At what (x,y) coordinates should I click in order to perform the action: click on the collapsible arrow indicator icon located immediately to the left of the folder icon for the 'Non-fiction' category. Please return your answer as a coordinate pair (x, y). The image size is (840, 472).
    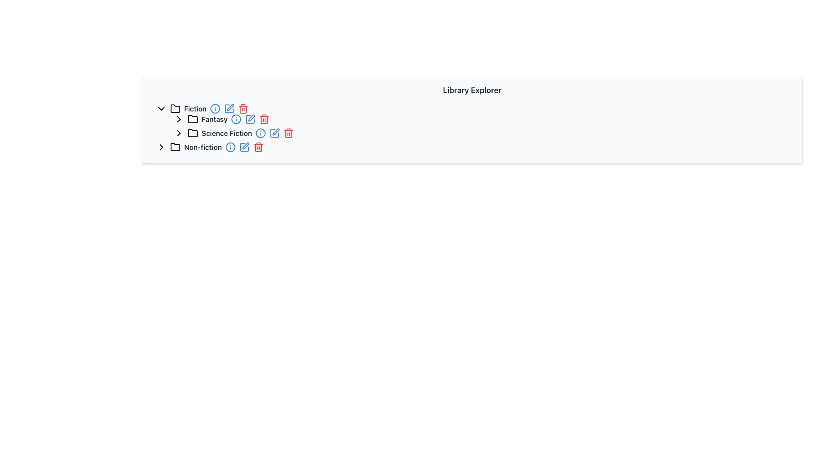
    Looking at the image, I should click on (161, 146).